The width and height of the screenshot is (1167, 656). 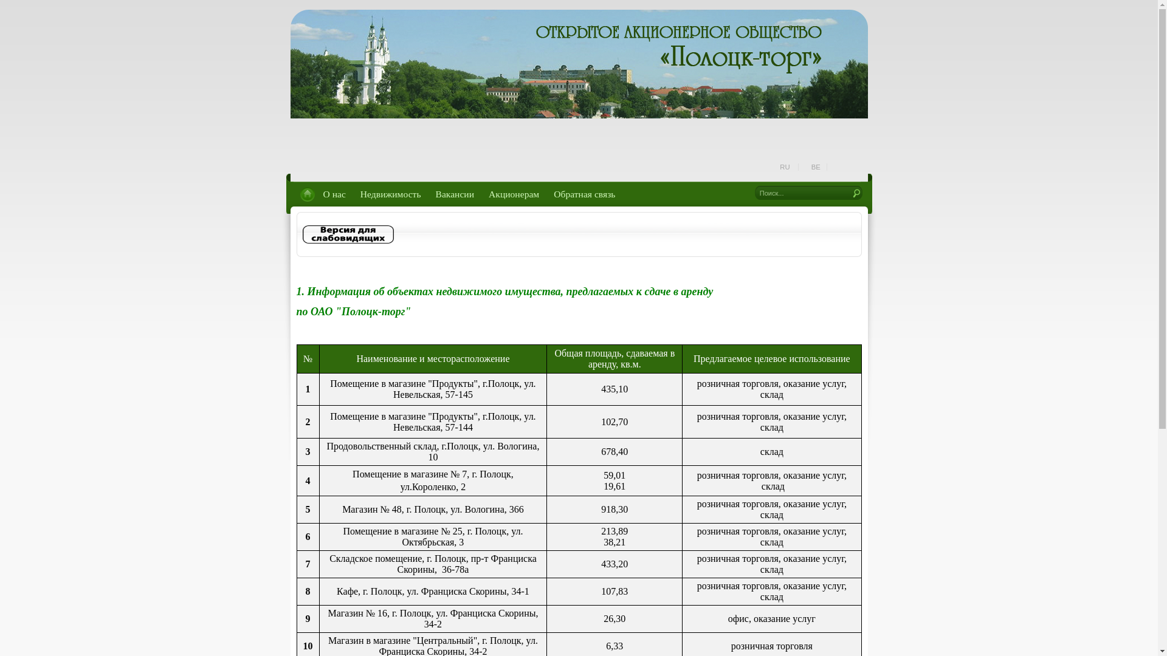 What do you see at coordinates (816, 166) in the screenshot?
I see `'BE'` at bounding box center [816, 166].